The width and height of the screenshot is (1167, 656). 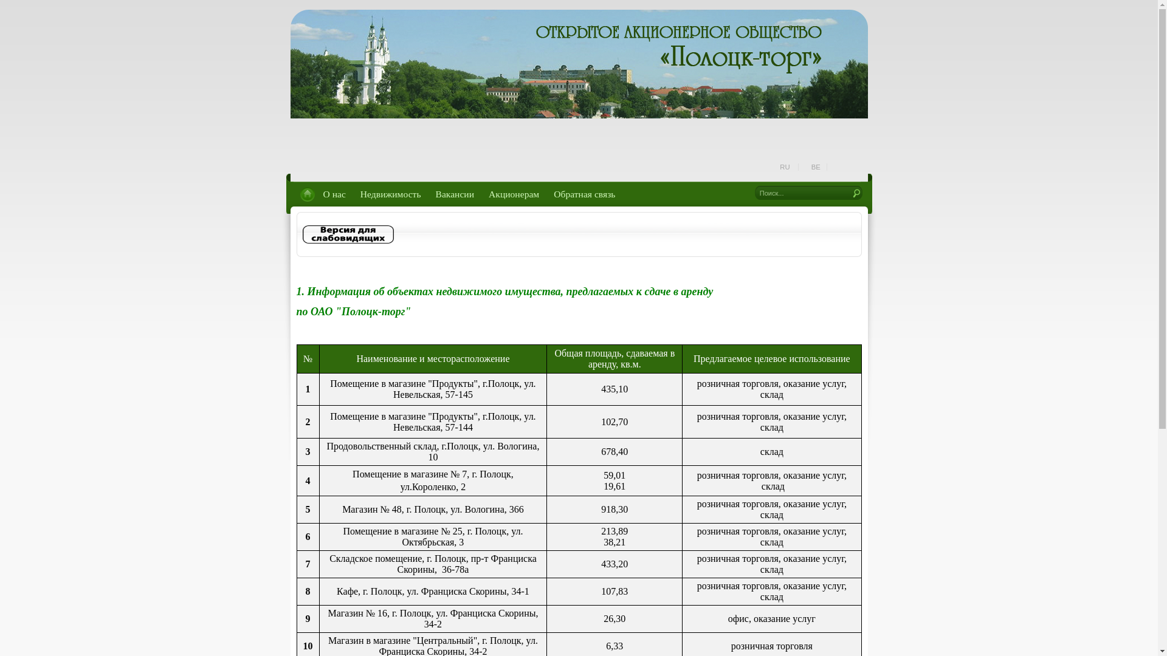 What do you see at coordinates (816, 166) in the screenshot?
I see `'BE'` at bounding box center [816, 166].